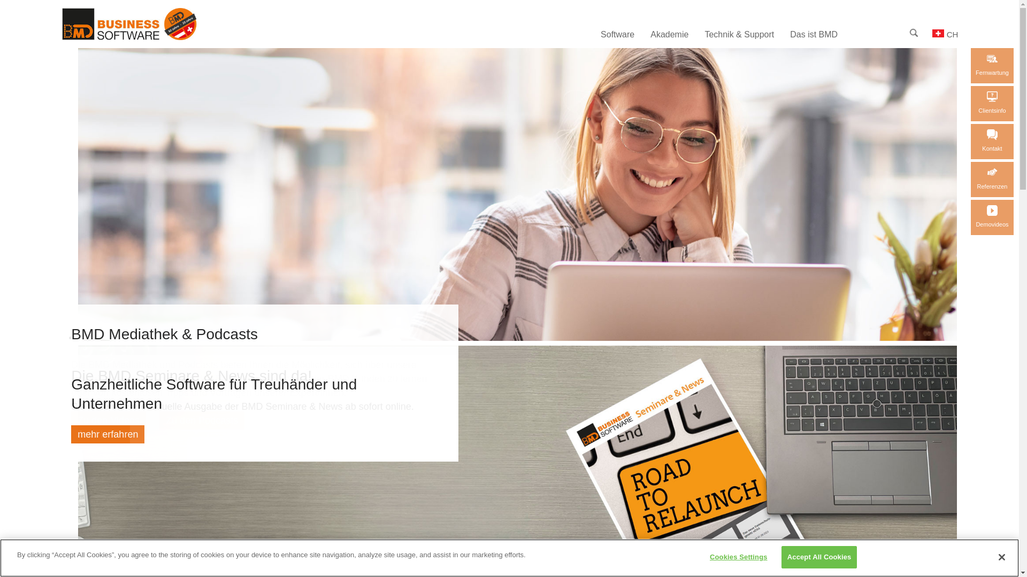  Describe the element at coordinates (818, 556) in the screenshot. I see `'Accept All Cookies'` at that location.